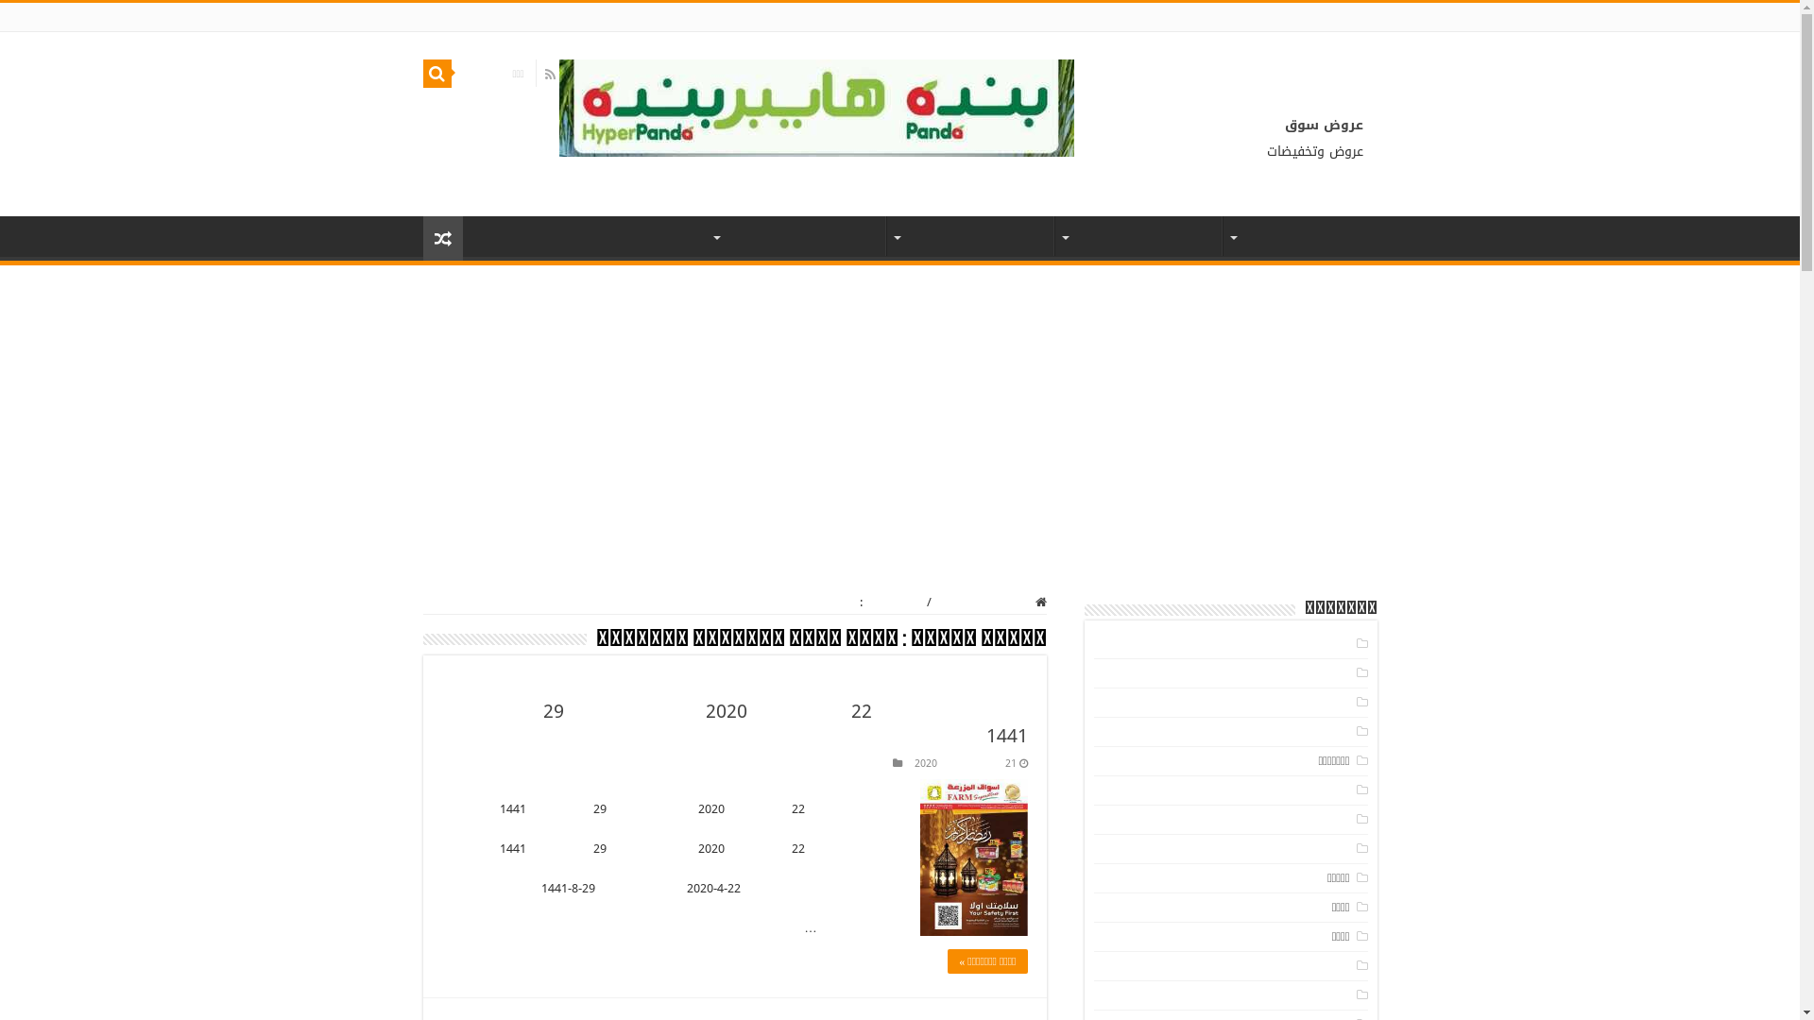  Describe the element at coordinates (548, 73) in the screenshot. I see `'Rss'` at that location.